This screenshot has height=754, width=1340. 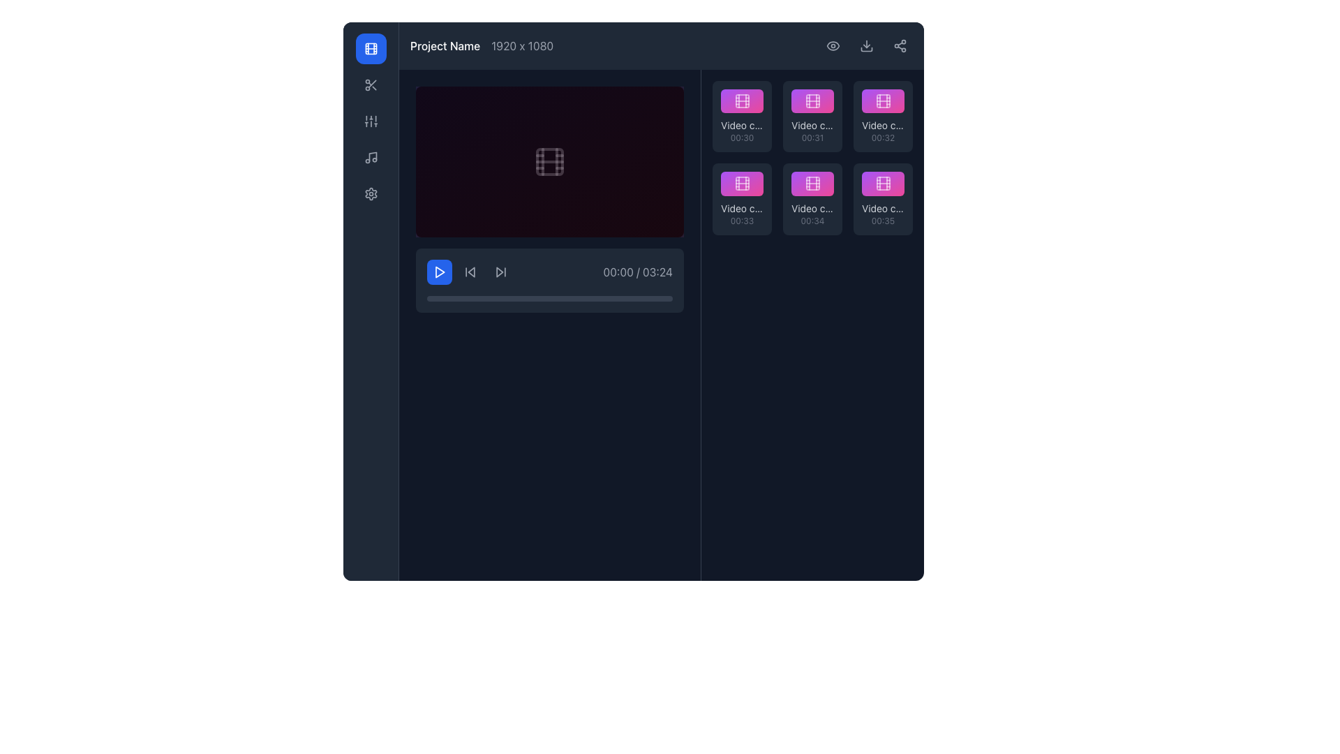 What do you see at coordinates (882, 101) in the screenshot?
I see `the video clip icon in the upper right corner of the grid of icons in the video editing application` at bounding box center [882, 101].